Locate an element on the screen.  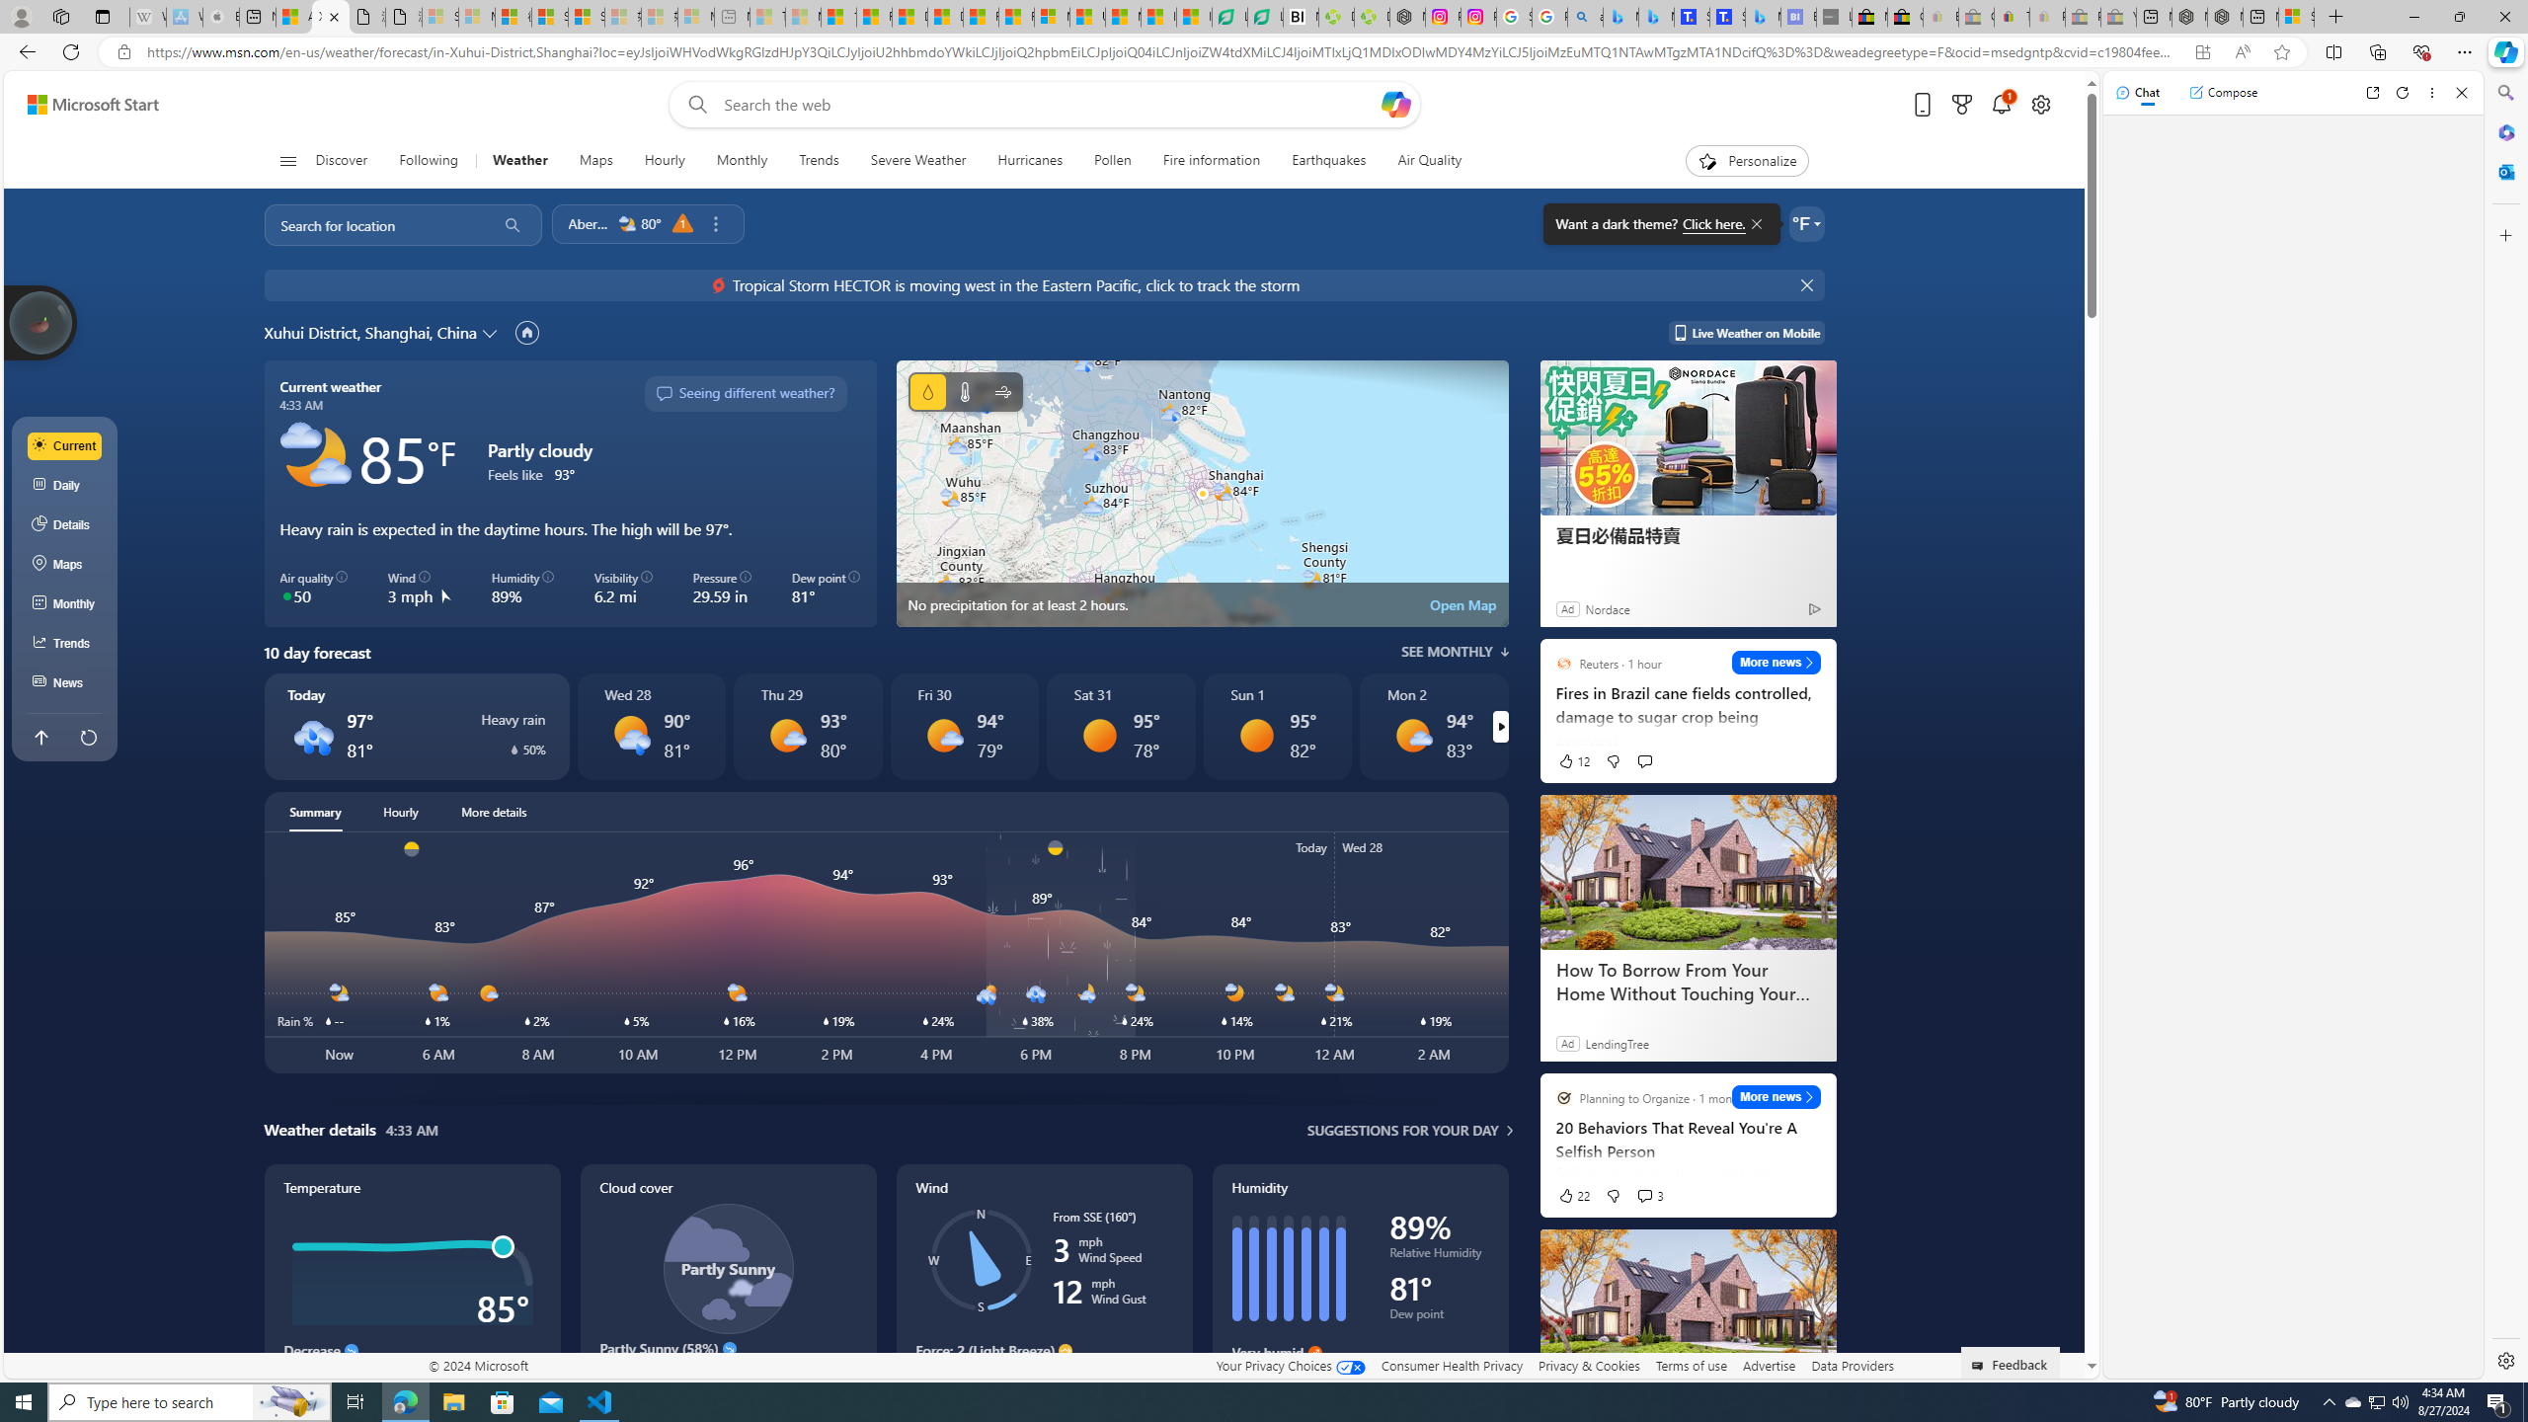
'Privacy & Cookies' is located at coordinates (1590, 1365).